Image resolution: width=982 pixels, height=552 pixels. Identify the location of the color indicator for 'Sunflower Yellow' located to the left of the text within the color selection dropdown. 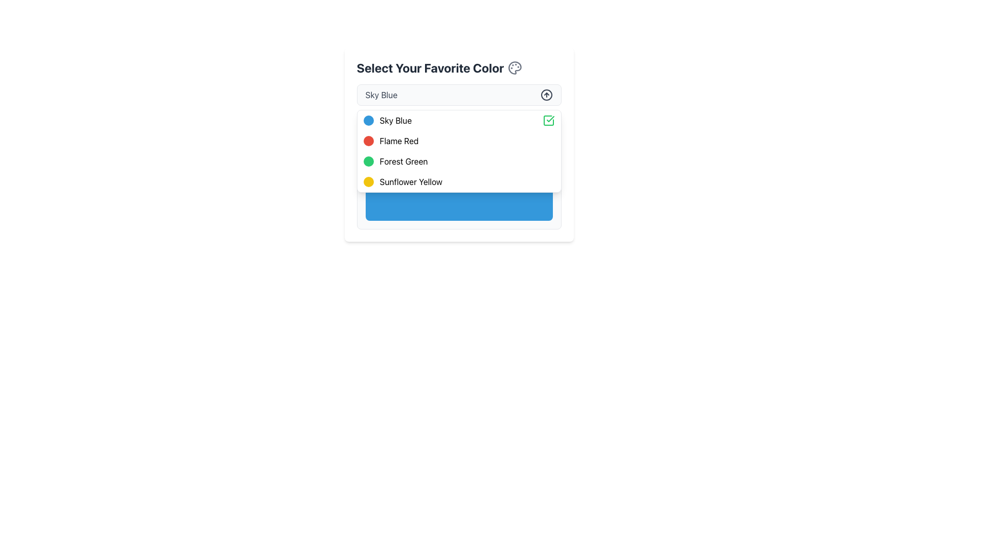
(368, 181).